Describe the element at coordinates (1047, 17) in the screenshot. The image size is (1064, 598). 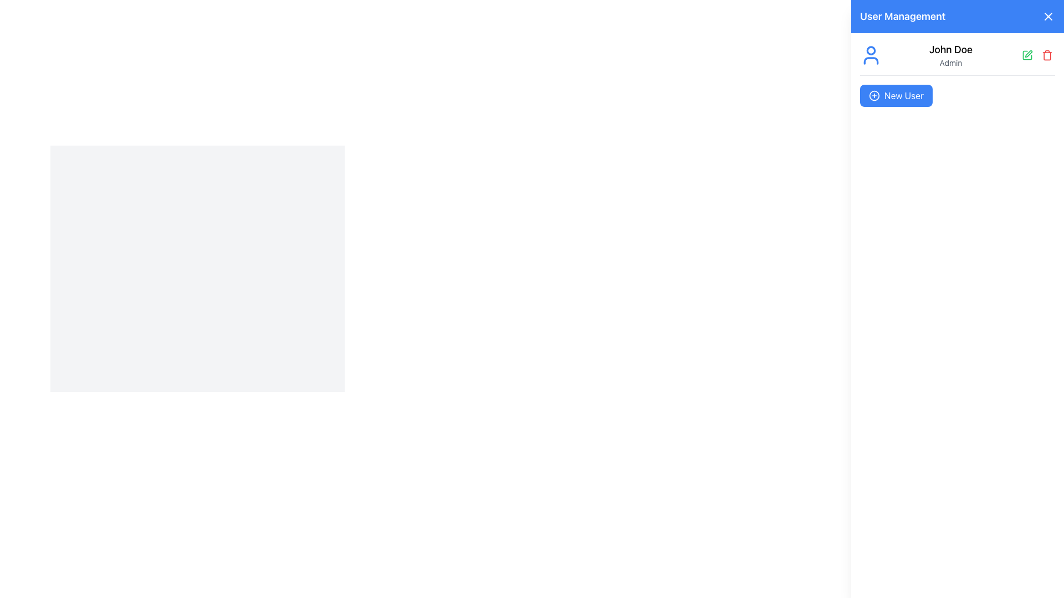
I see `the 'X' button on the far-right side of the top header` at that location.